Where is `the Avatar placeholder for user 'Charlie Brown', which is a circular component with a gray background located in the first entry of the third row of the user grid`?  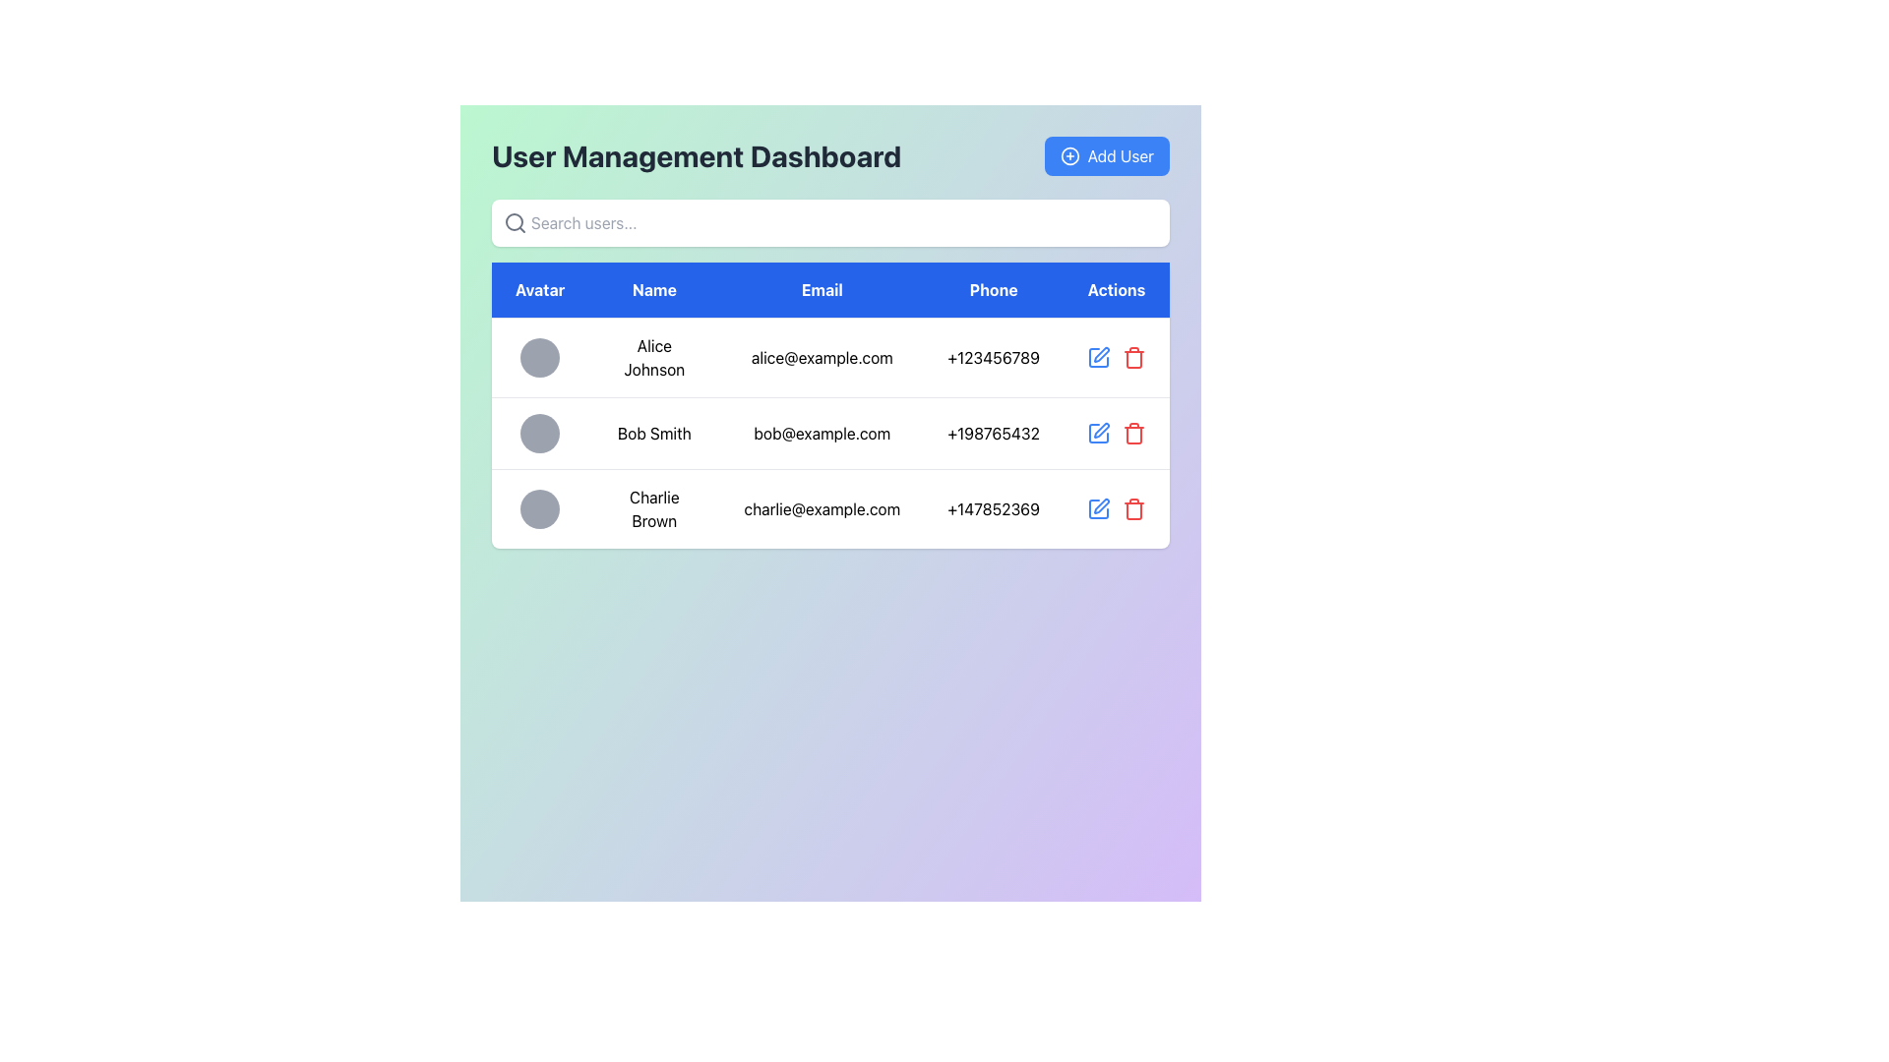 the Avatar placeholder for user 'Charlie Brown', which is a circular component with a gray background located in the first entry of the third row of the user grid is located at coordinates (540, 507).